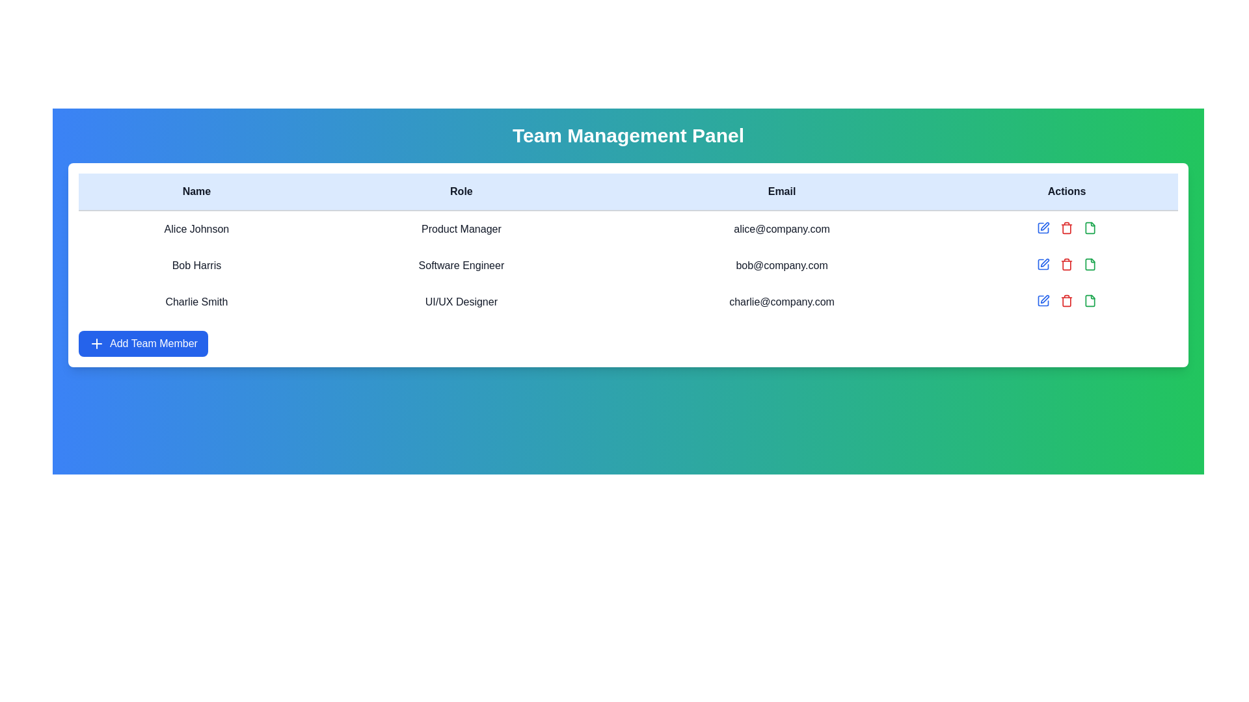 This screenshot has width=1249, height=702. What do you see at coordinates (1067, 192) in the screenshot?
I see `the text header element labeled 'Actions', which is styled with a light blue background and centered black text, located at the top row of a table structure as the fourth element` at bounding box center [1067, 192].